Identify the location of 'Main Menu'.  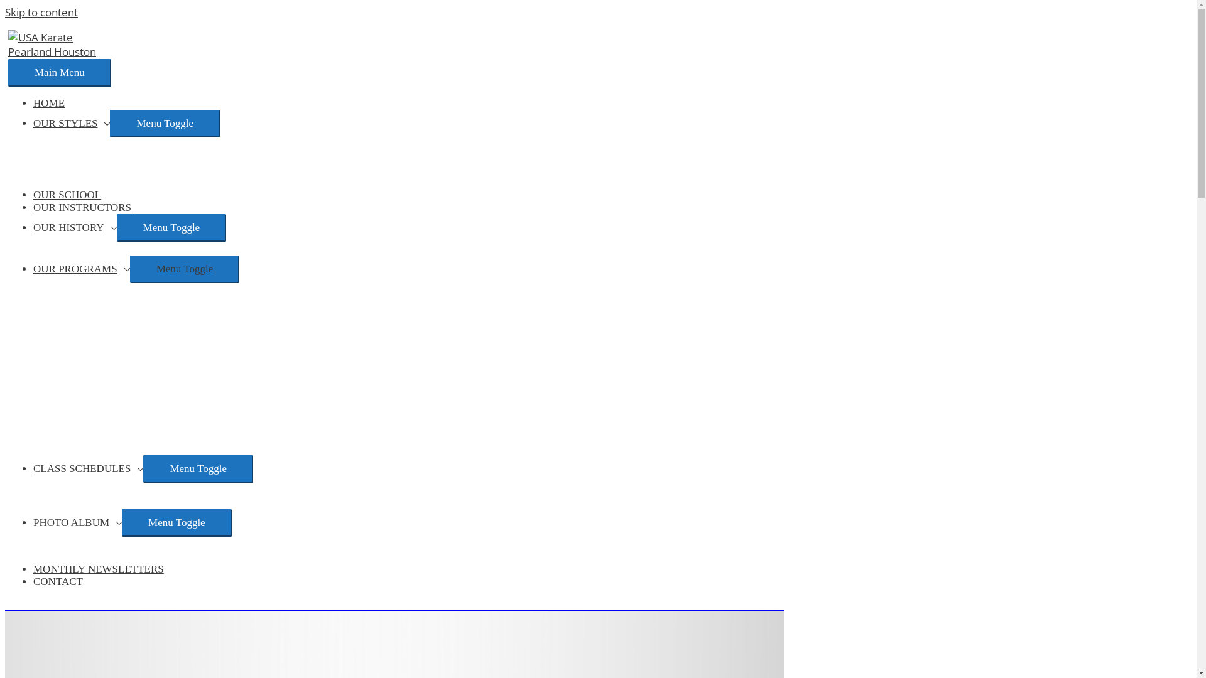
(8, 72).